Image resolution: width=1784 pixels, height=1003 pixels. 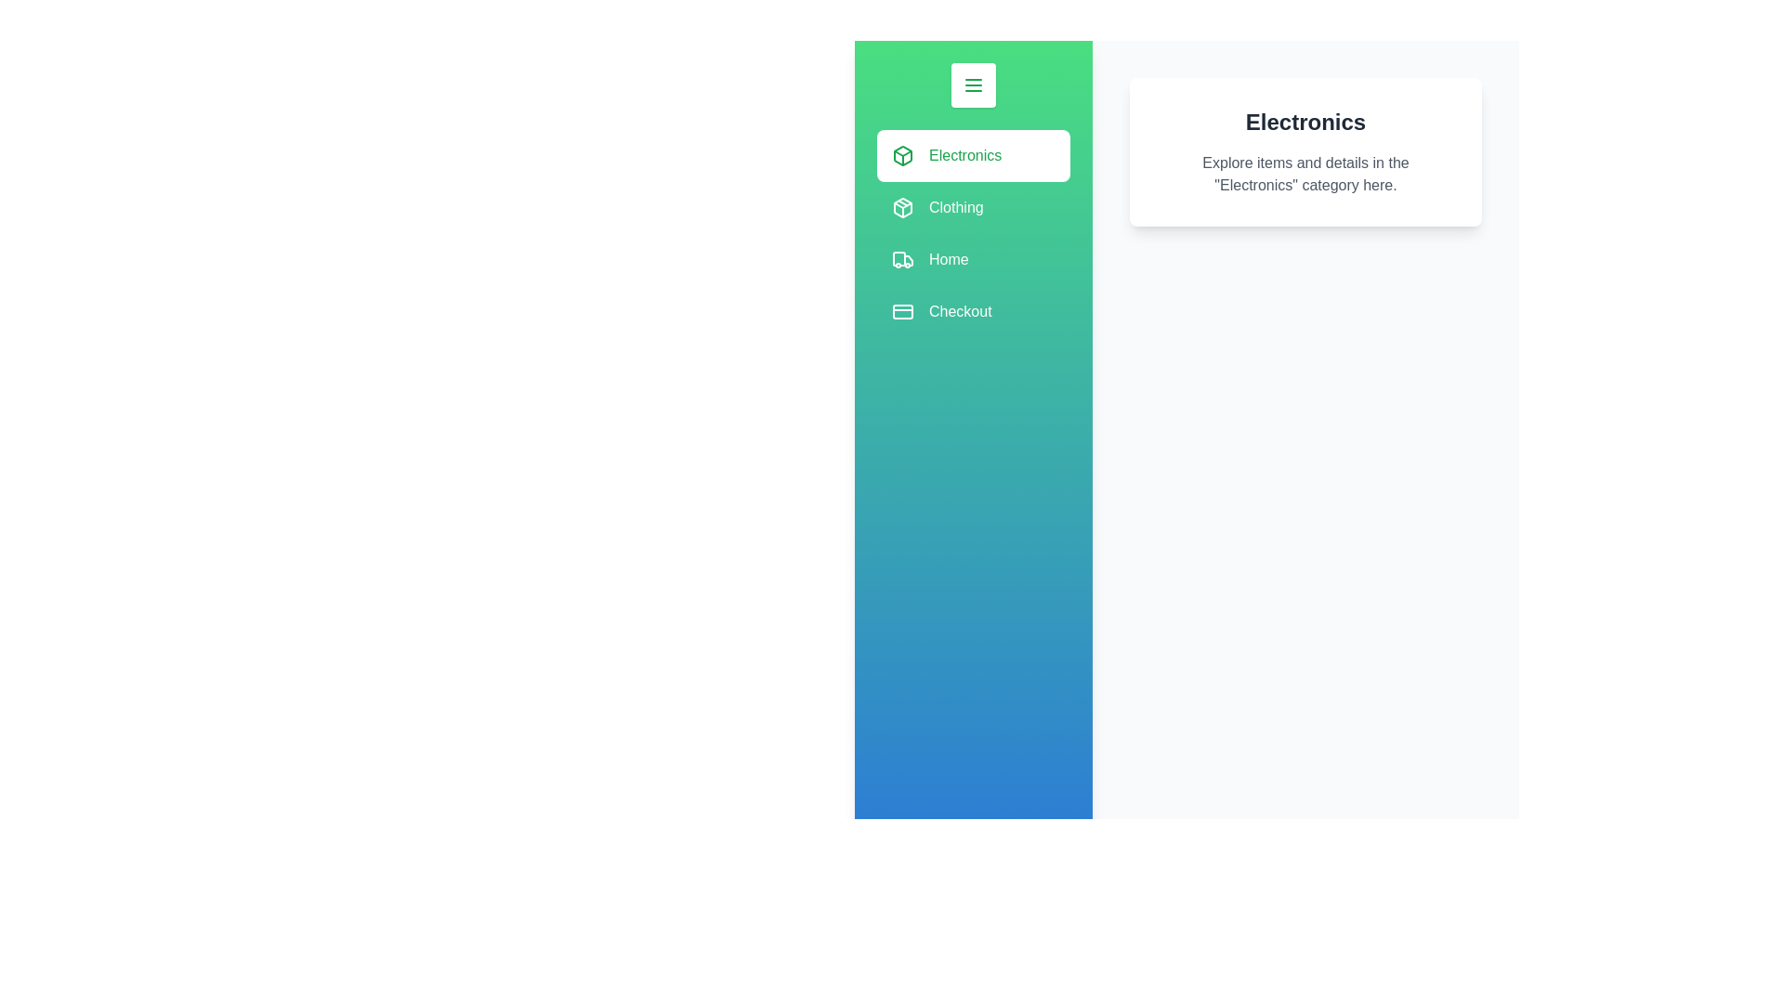 What do you see at coordinates (972, 85) in the screenshot?
I see `menu button to toggle the drawer` at bounding box center [972, 85].